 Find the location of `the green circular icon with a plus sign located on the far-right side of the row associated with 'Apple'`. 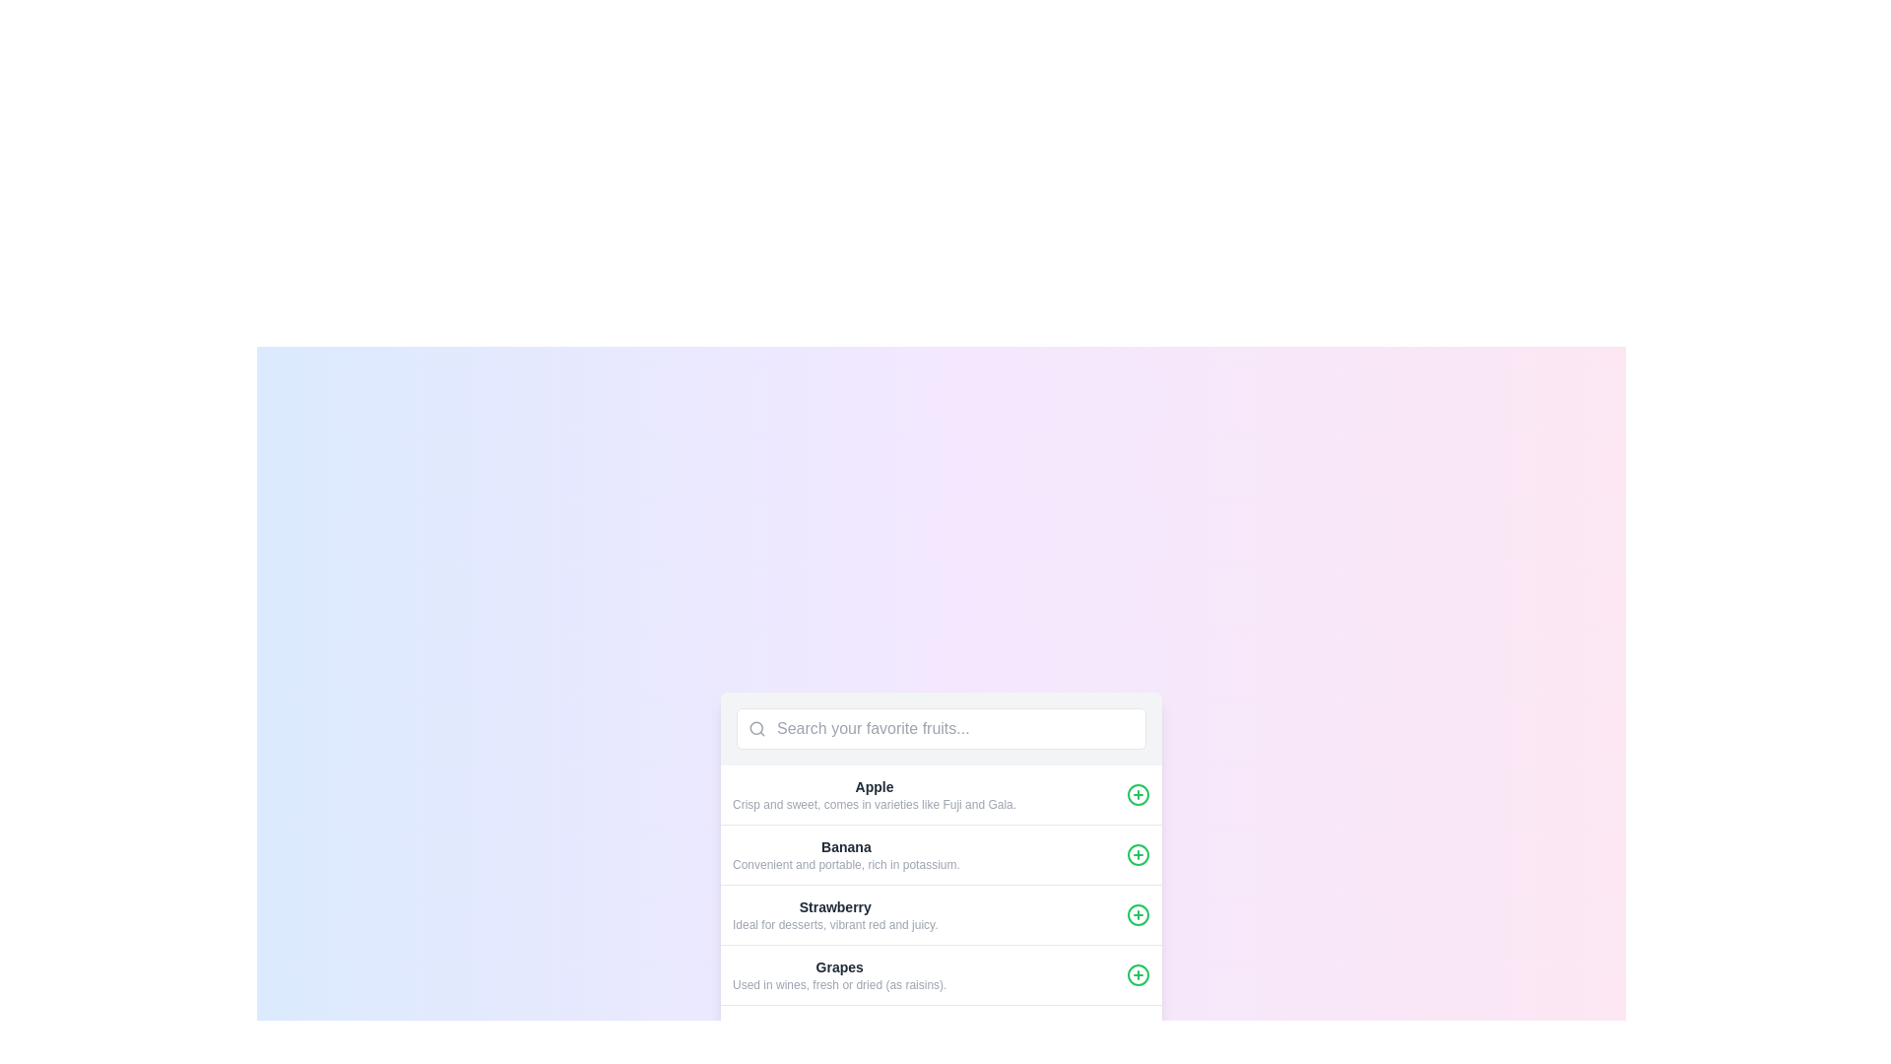

the green circular icon with a plus sign located on the far-right side of the row associated with 'Apple' is located at coordinates (1139, 793).